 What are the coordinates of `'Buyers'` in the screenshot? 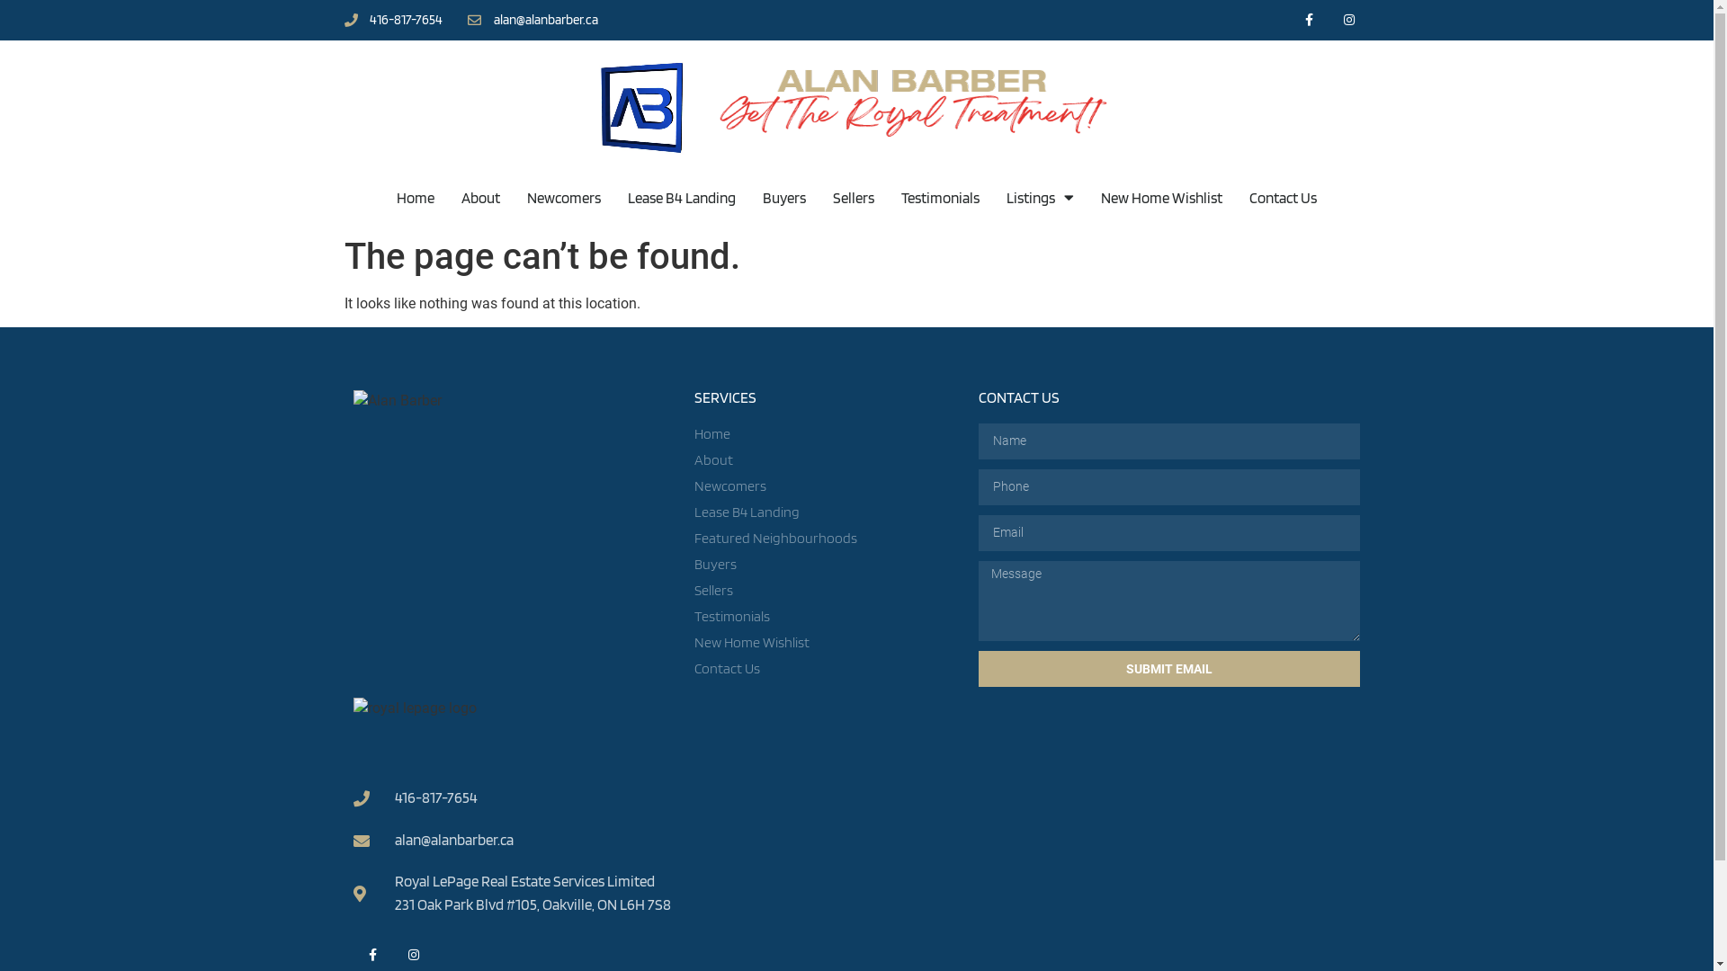 It's located at (784, 197).